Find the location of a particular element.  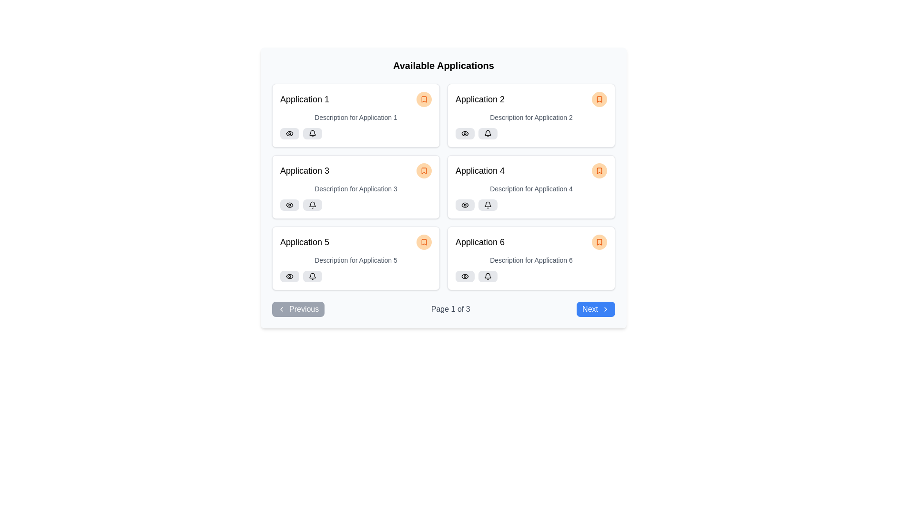

the Text indicator displaying the current page number (1) out of a total of 3 pages, located at the center-bottom of the interface, between the 'Previous' and 'Next' buttons in the navigation bar is located at coordinates (450, 309).